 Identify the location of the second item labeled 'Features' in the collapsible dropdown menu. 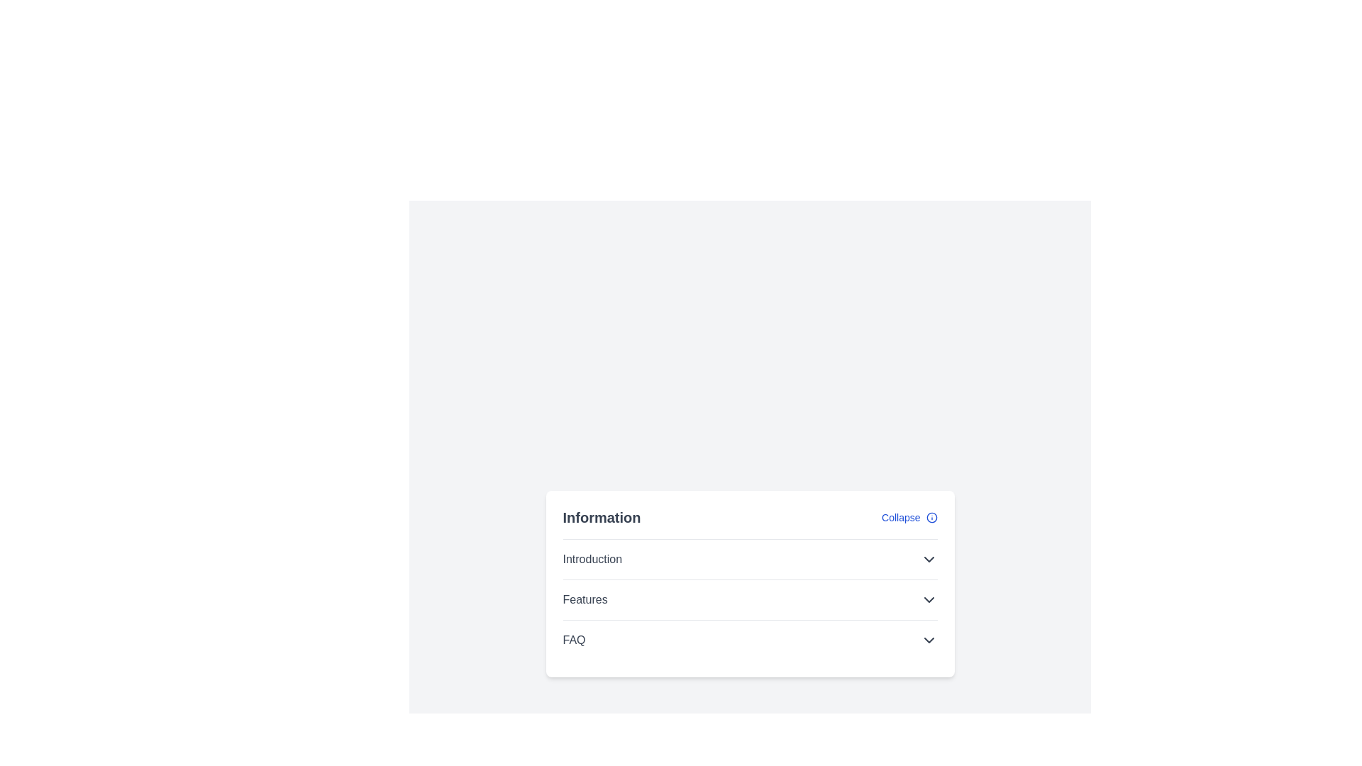
(749, 599).